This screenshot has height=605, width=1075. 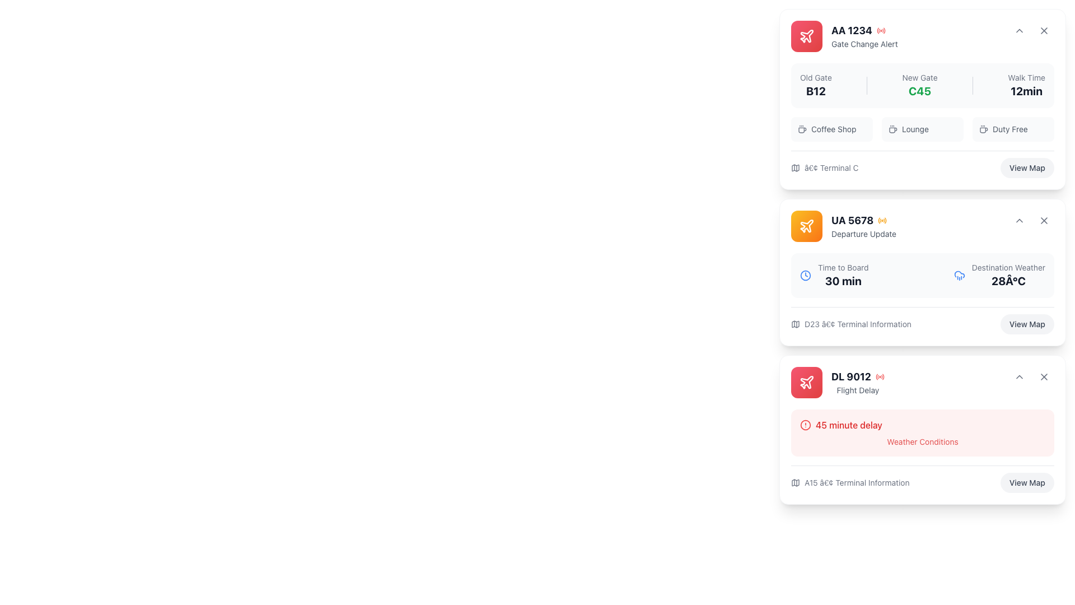 What do you see at coordinates (857, 390) in the screenshot?
I see `the text label indicating 'Flight Delay' located in the card section of the 'DL 9012' flight information area, positioned below the bold 'DL 9012' label` at bounding box center [857, 390].